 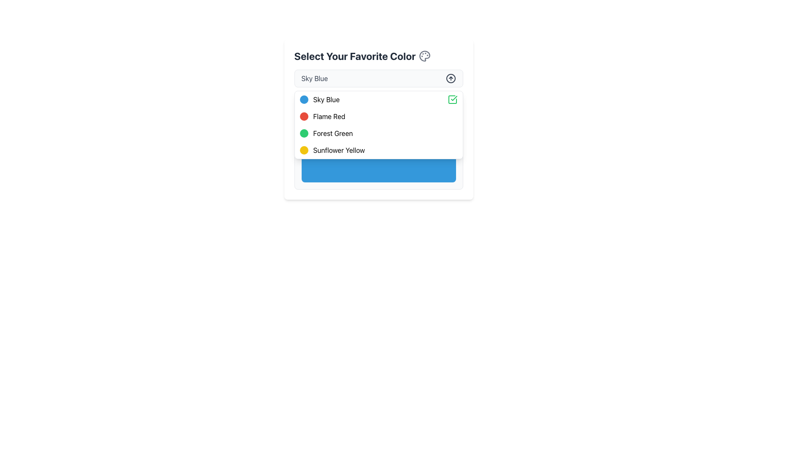 I want to click on the 'Forest Green' dropdown menu item, so click(x=378, y=133).